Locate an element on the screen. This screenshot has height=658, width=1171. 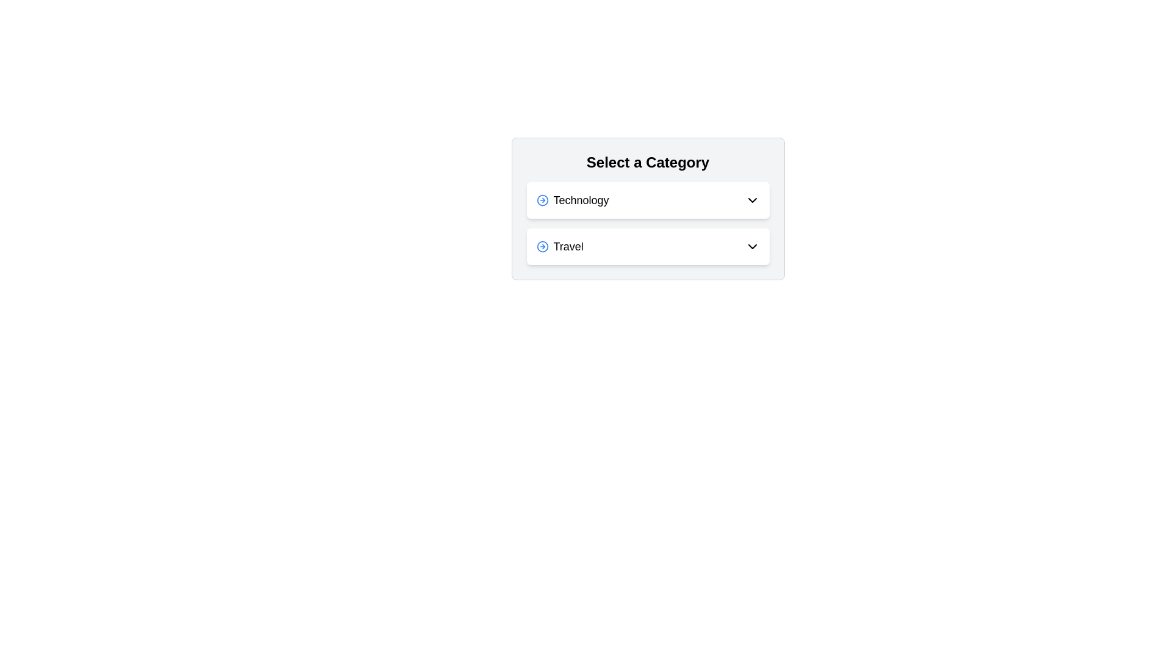
the 'Travel' category icon located to the left of the text 'Travel' is located at coordinates (542, 247).